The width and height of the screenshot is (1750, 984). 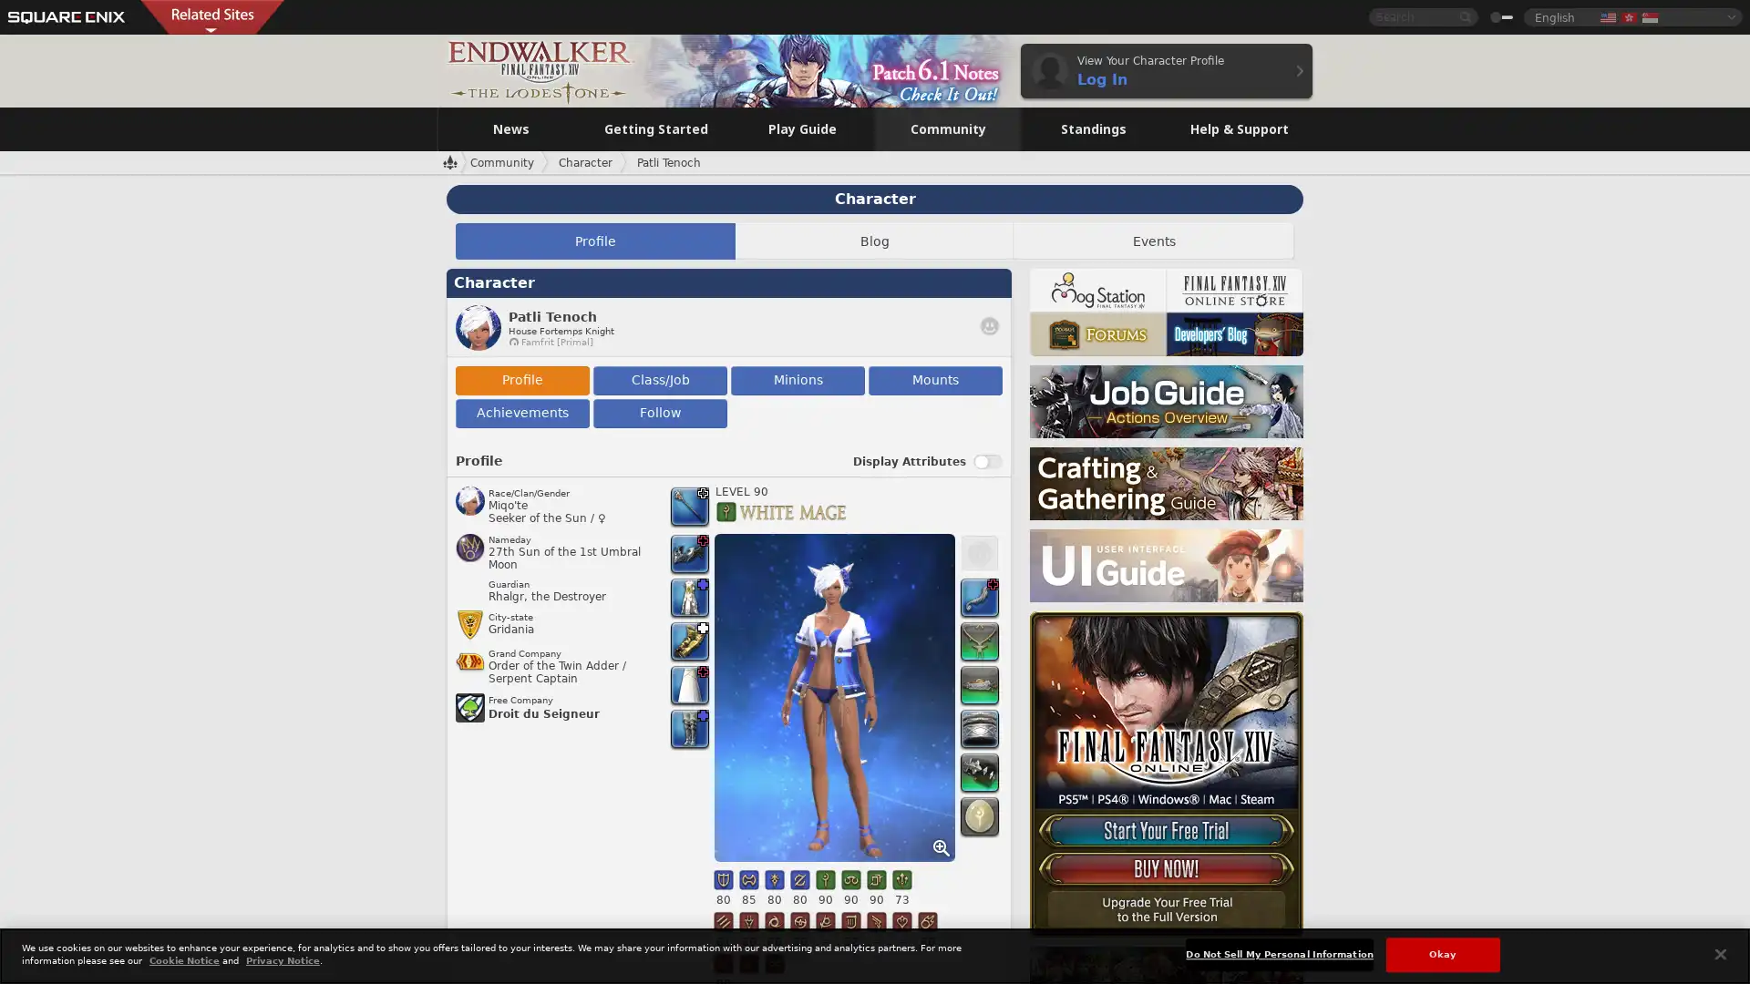 What do you see at coordinates (1278, 953) in the screenshot?
I see `Do Not Sell My Personal Information` at bounding box center [1278, 953].